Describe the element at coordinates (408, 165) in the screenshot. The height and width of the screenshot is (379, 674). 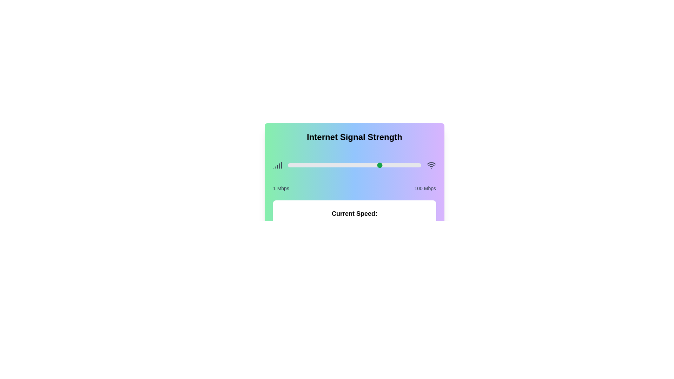
I see `the signal strength slider to 90 percentage` at that location.